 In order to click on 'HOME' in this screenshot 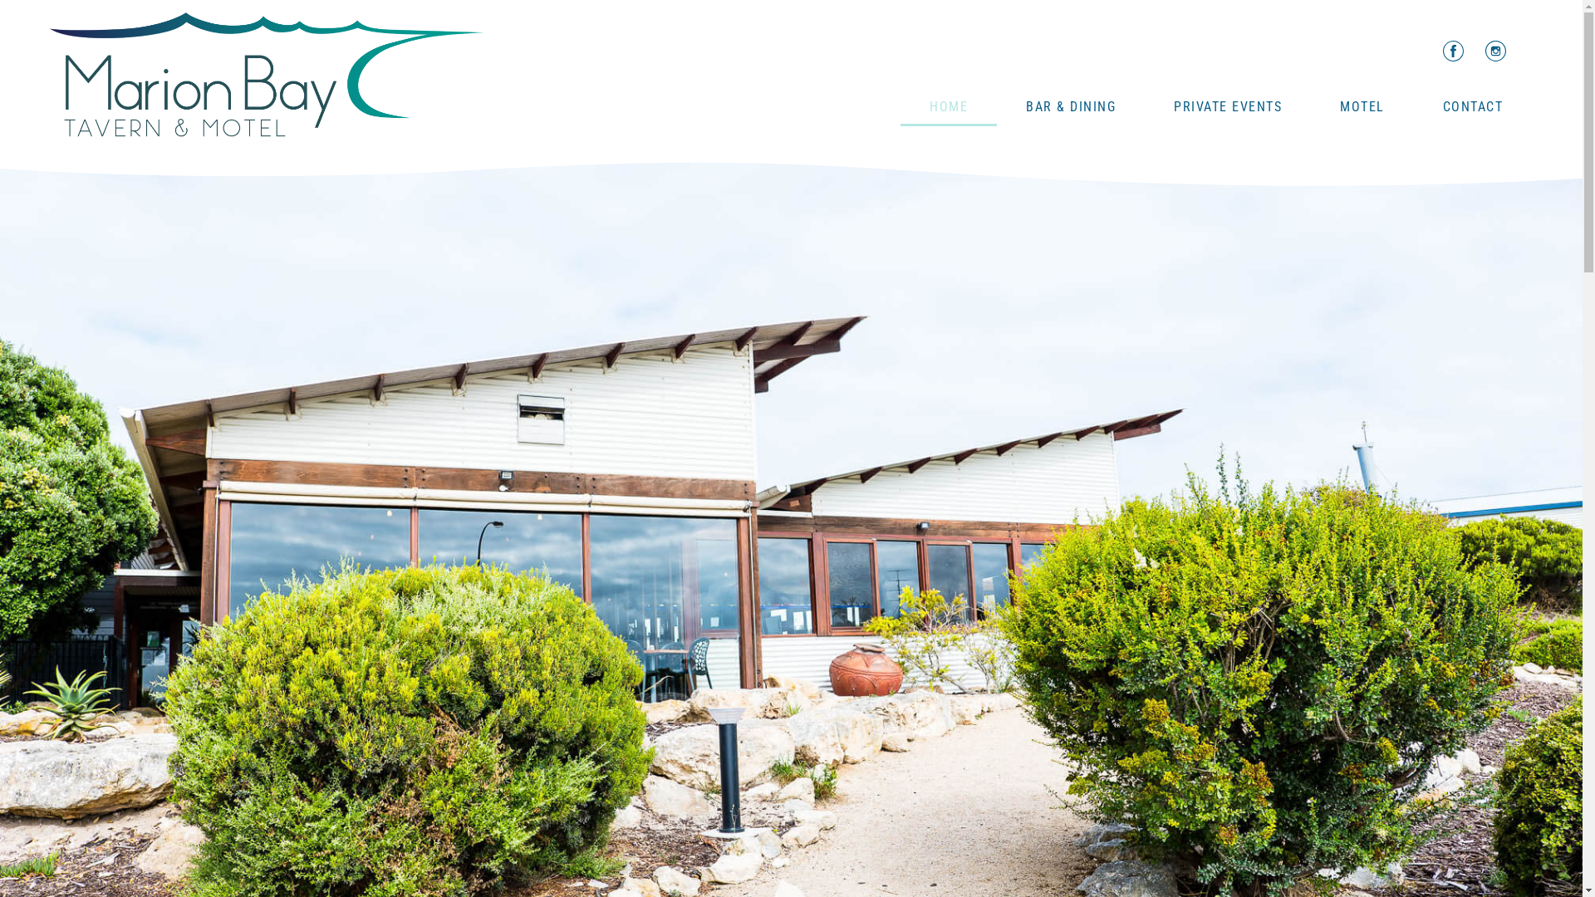, I will do `click(949, 106)`.